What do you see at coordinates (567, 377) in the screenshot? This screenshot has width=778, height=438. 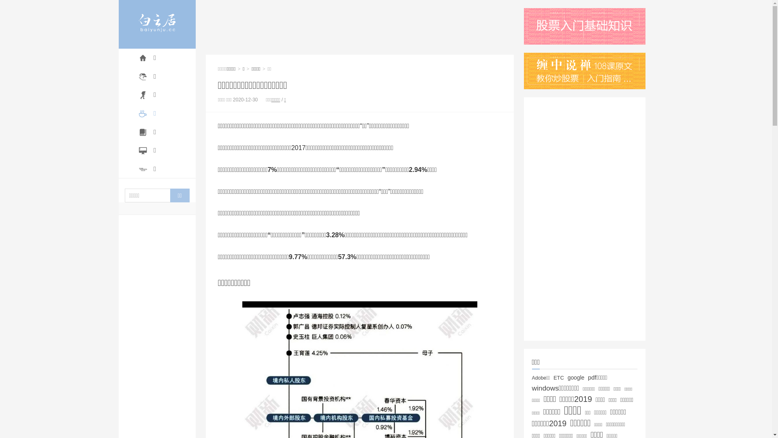 I see `'google'` at bounding box center [567, 377].